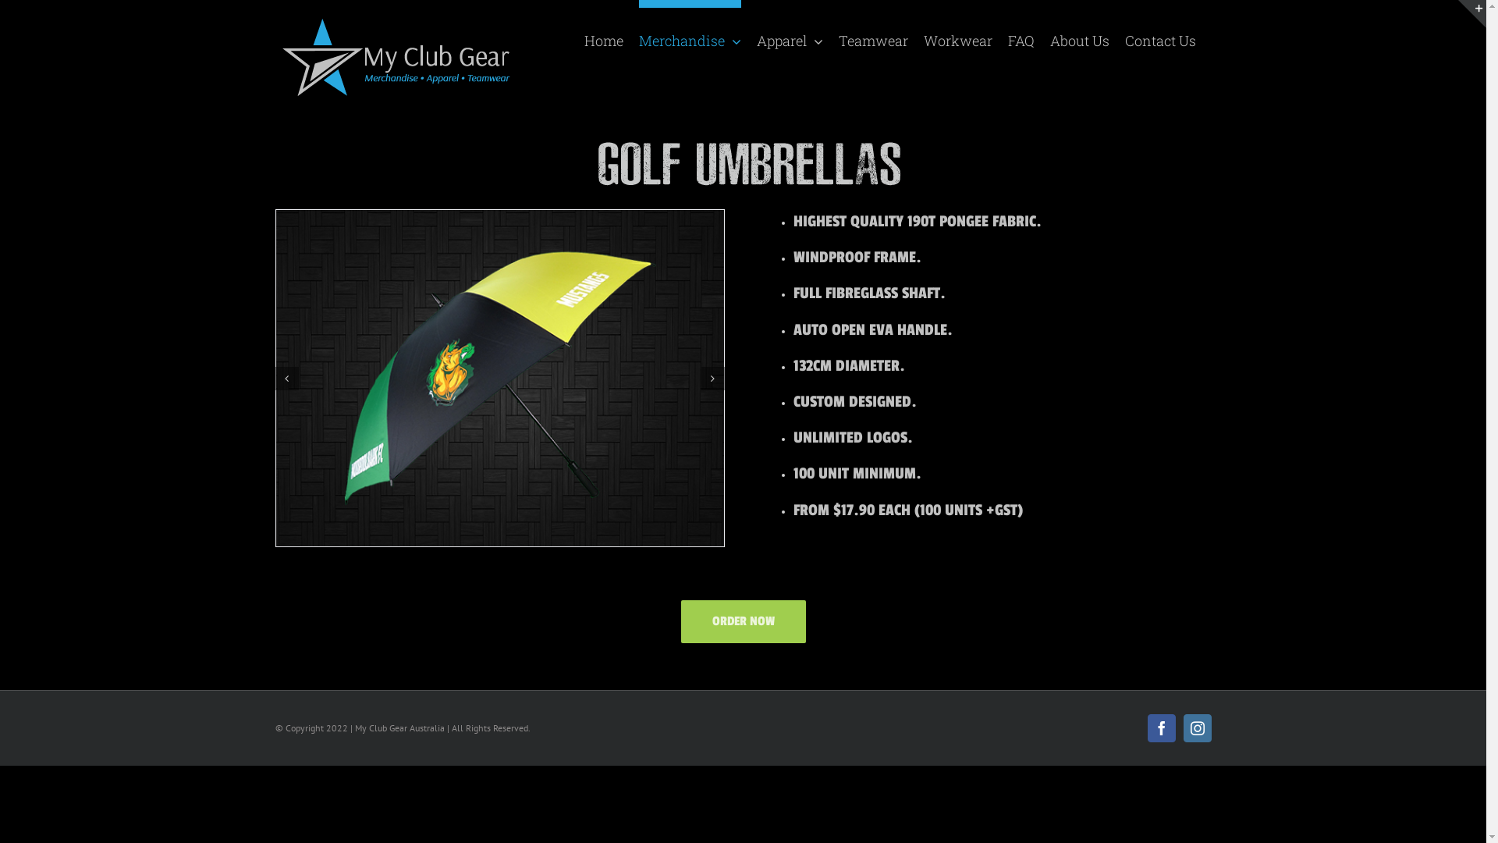 Image resolution: width=1498 pixels, height=843 pixels. I want to click on 'Instagram', so click(1196, 728).